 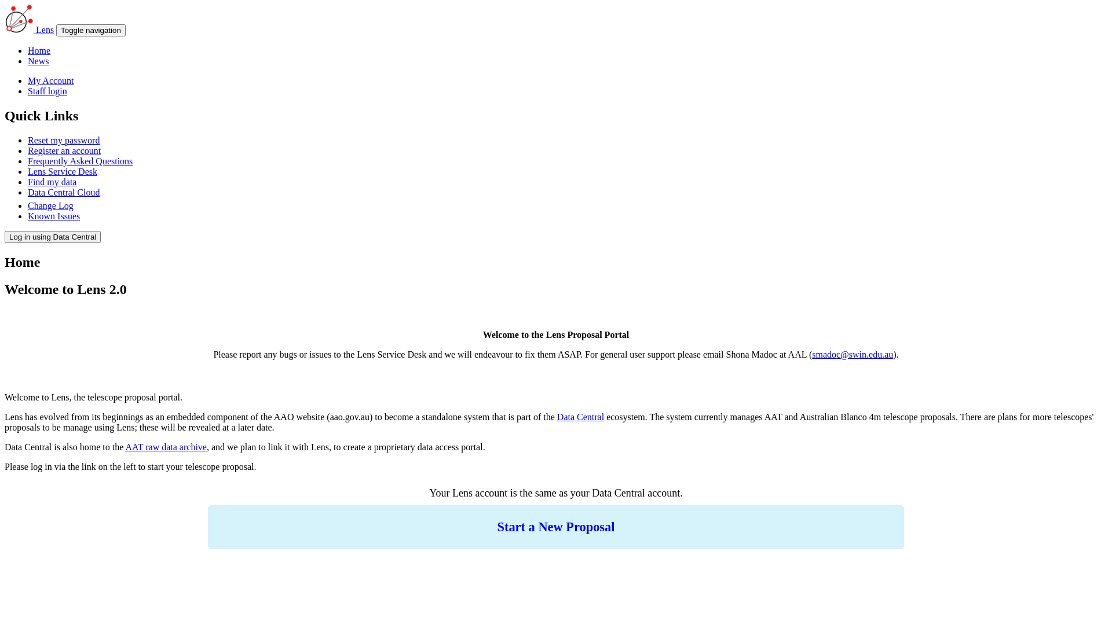 I want to click on 'Data Central Cloud', so click(x=63, y=192).